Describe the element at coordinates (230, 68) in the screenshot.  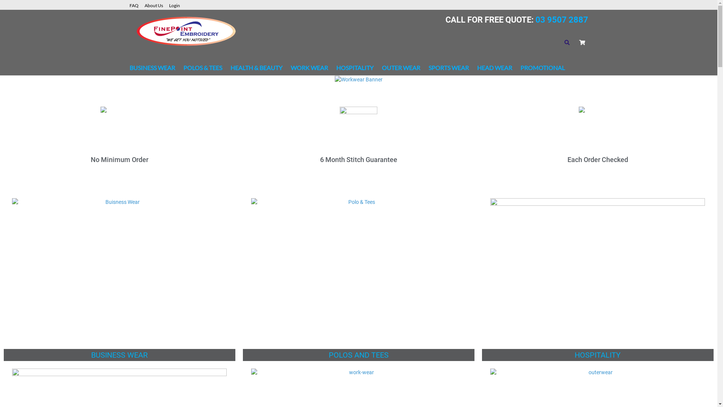
I see `'HEALTH & BEAUTY'` at that location.